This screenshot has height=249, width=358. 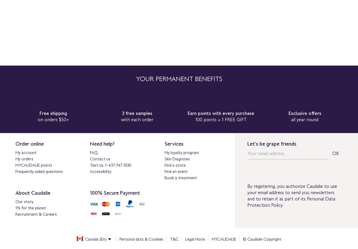 I want to click on 'Earn points with every purchase', so click(x=188, y=113).